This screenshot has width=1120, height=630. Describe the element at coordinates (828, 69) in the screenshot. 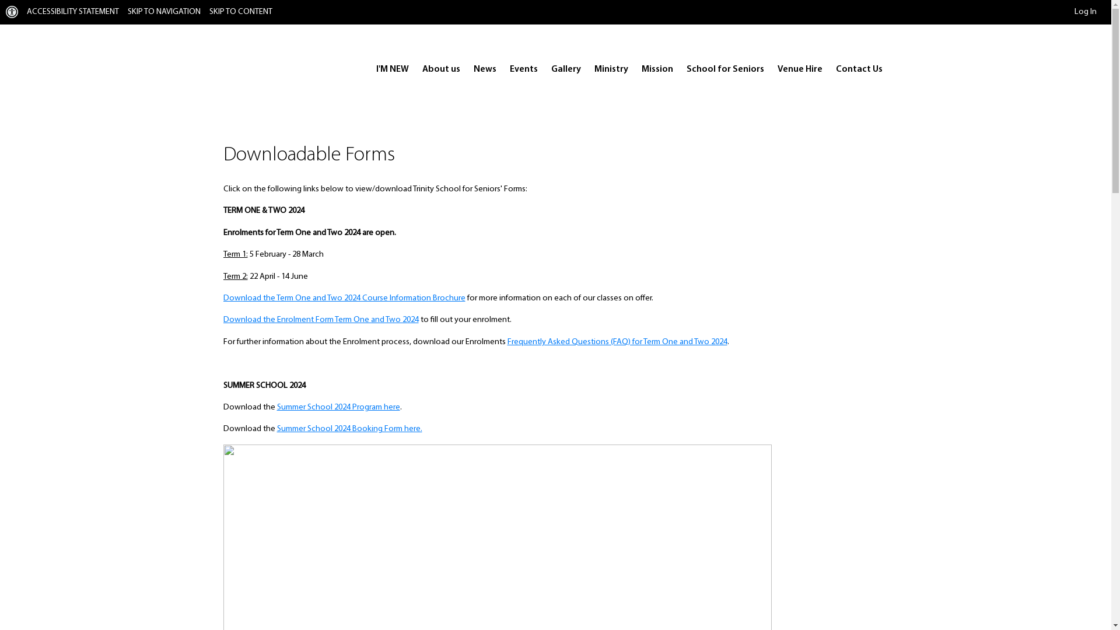

I see `'Contact Us'` at that location.